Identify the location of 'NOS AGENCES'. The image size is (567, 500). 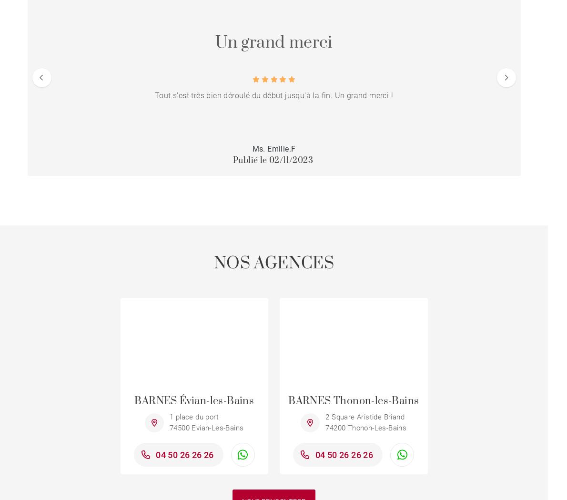
(273, 263).